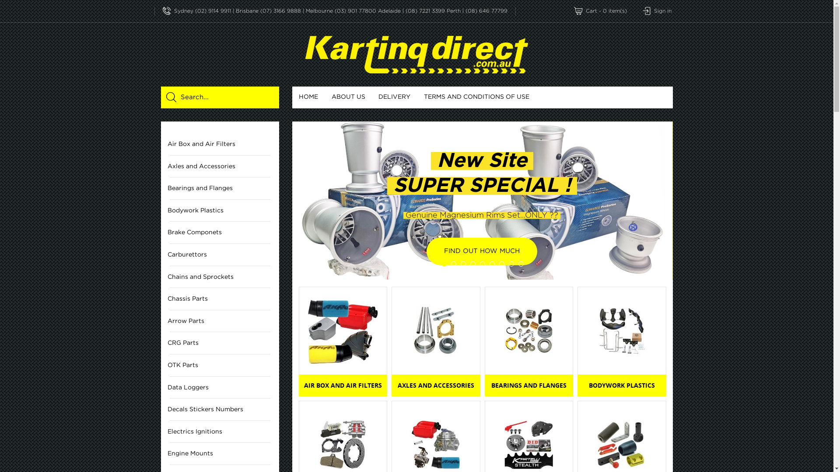 The height and width of the screenshot is (472, 840). Describe the element at coordinates (220, 144) in the screenshot. I see `'Air Box and Air Filters'` at that location.